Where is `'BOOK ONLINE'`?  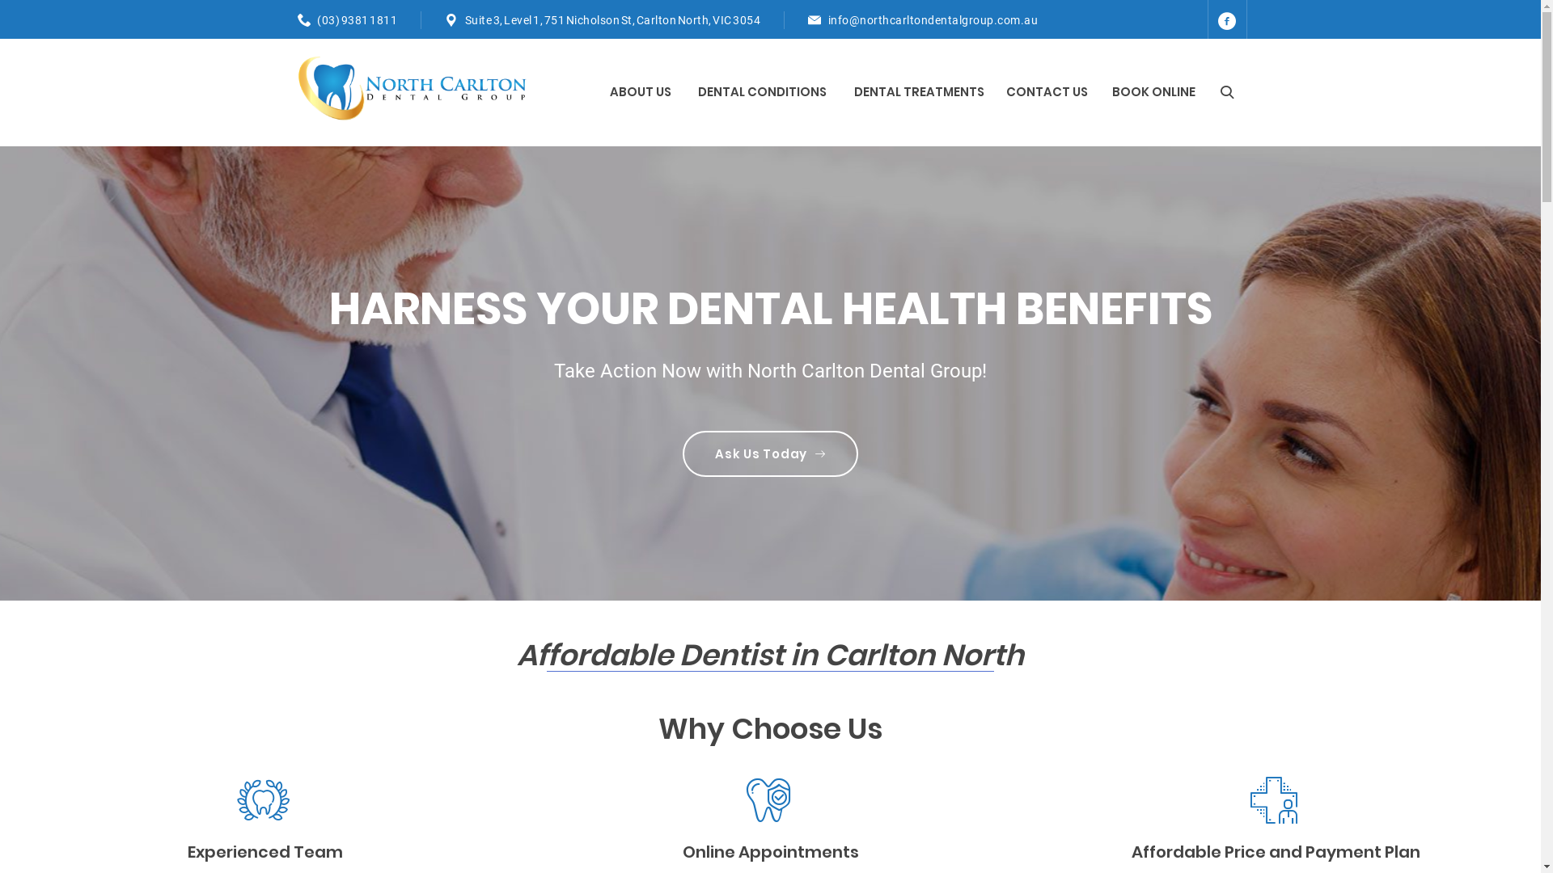 'BOOK ONLINE' is located at coordinates (1152, 92).